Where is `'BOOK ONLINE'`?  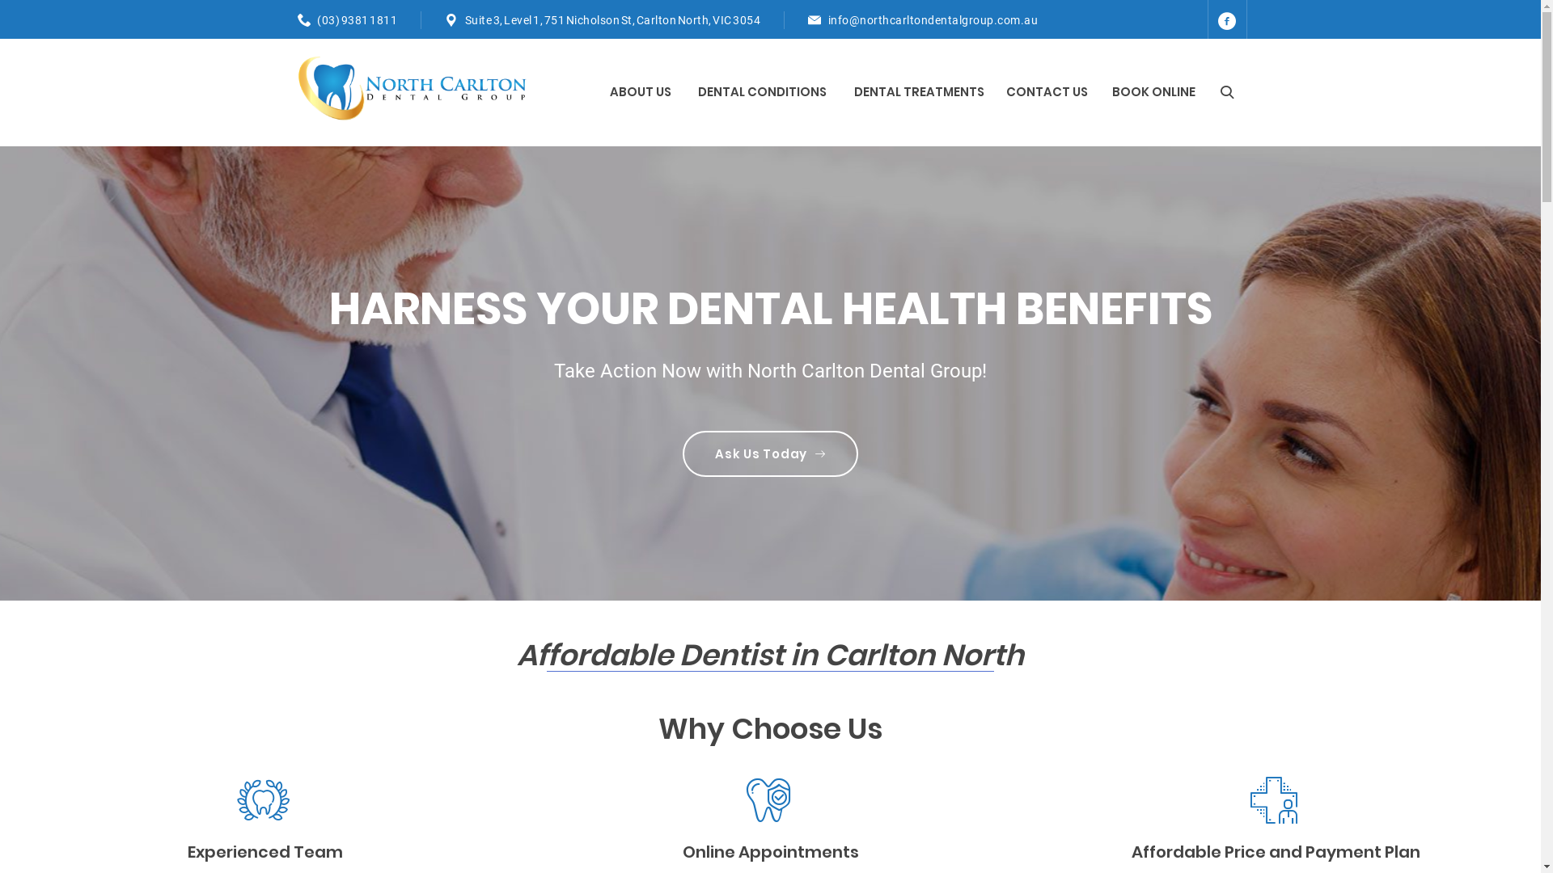 'BOOK ONLINE' is located at coordinates (1152, 92).